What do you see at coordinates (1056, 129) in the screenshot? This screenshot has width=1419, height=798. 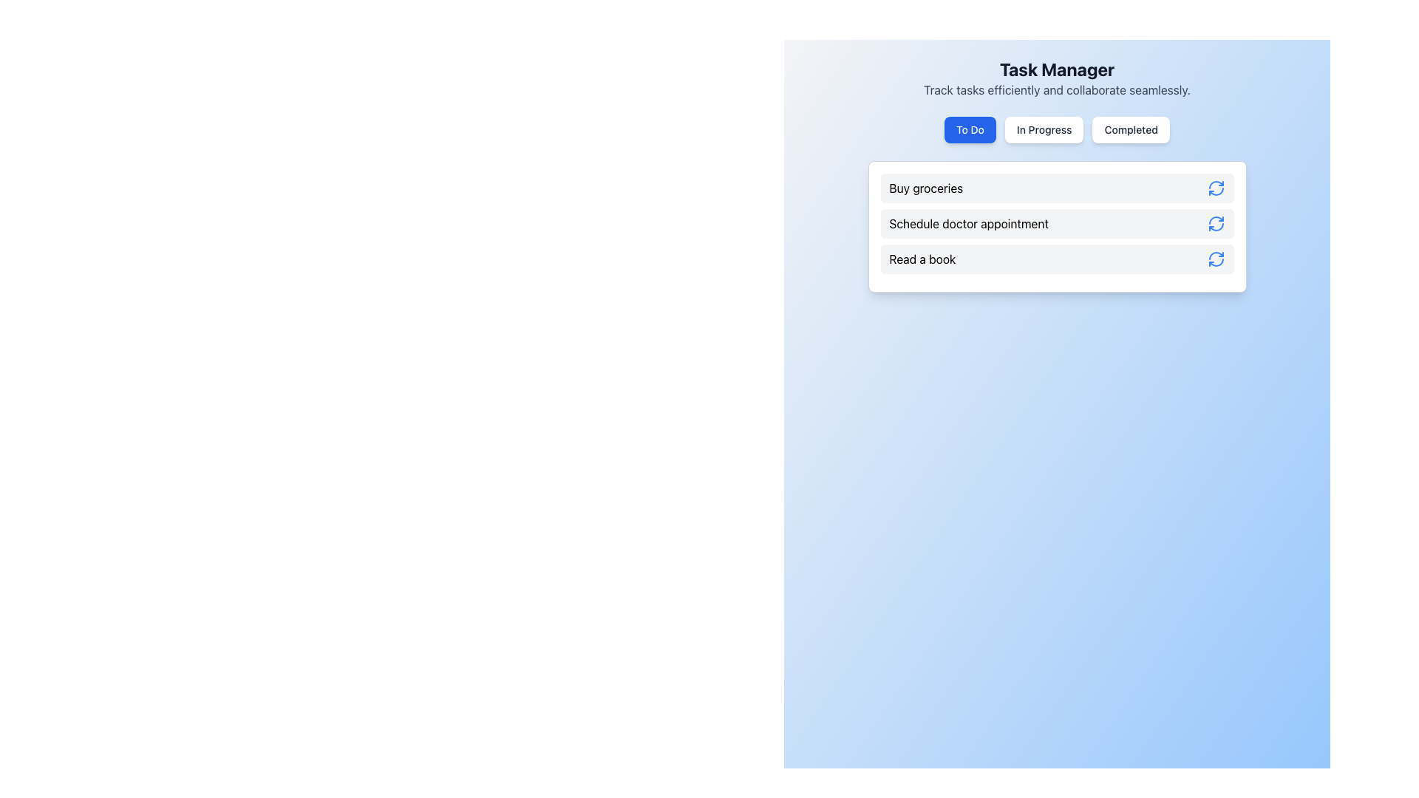 I see `the 'In Progress' button in the task category button group located below the 'Task Manager' title` at bounding box center [1056, 129].